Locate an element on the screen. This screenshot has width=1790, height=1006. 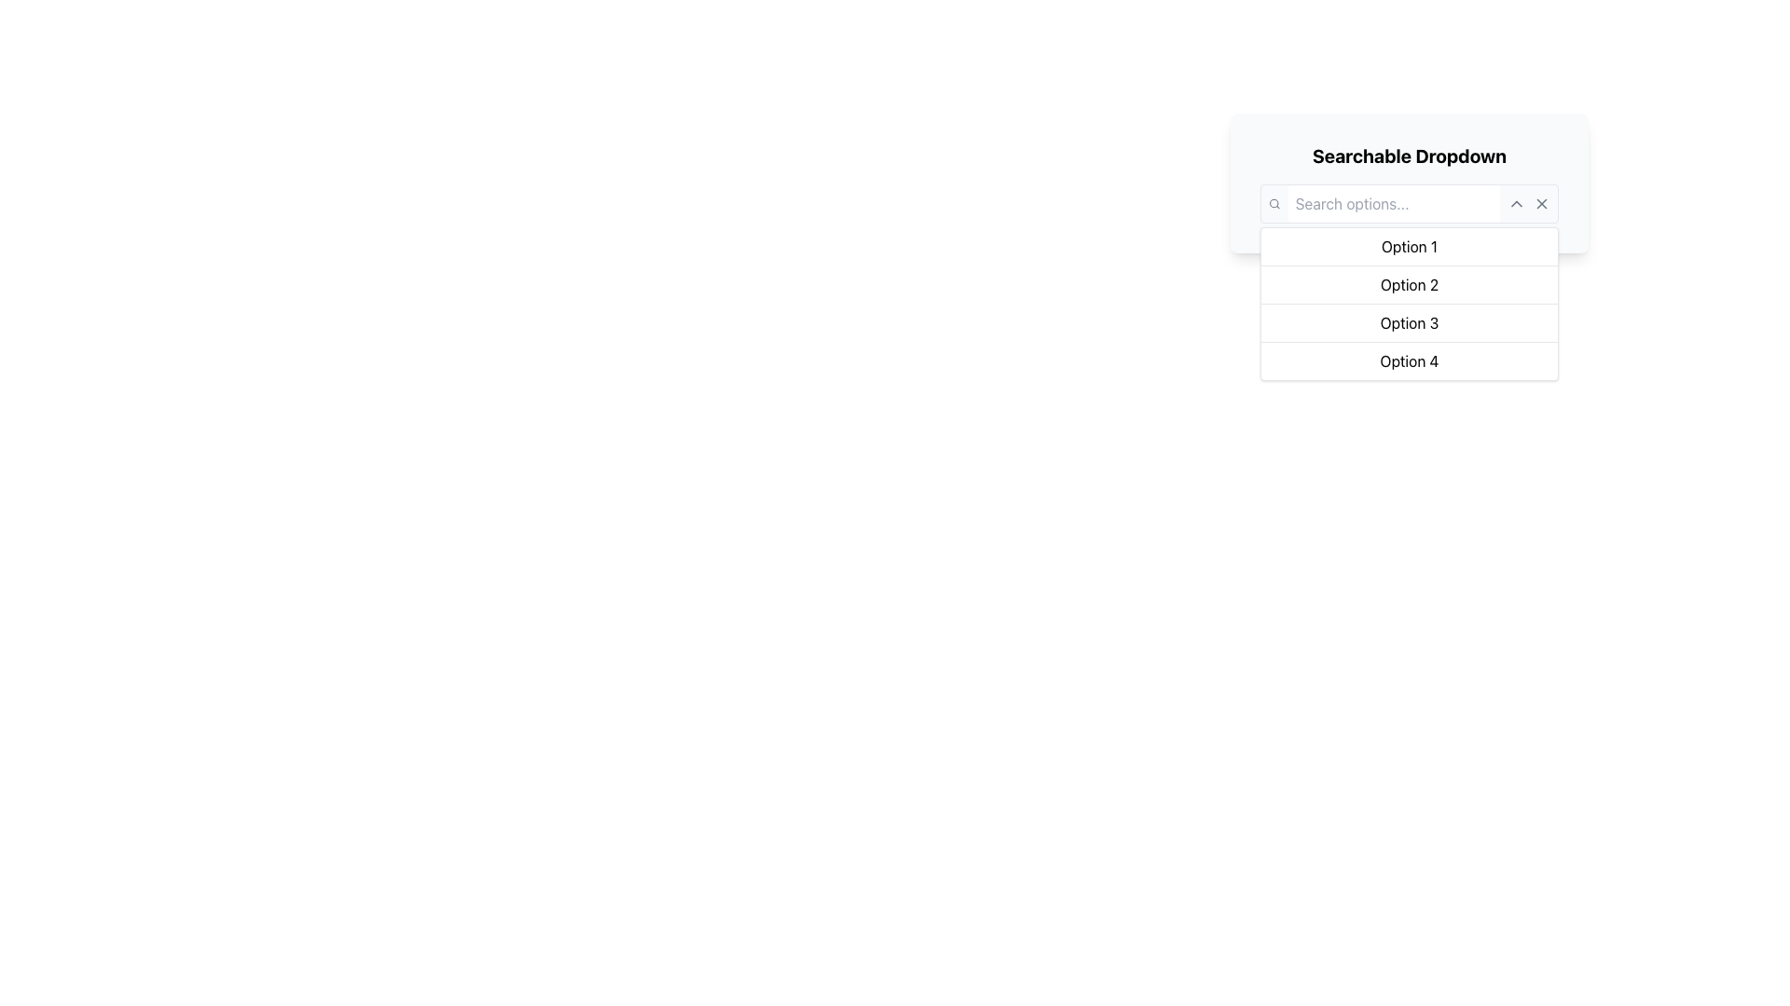
the text input box for entering search terms, which is styled with padding and has a placeholder text 'Search options...' is located at coordinates (1393, 204).